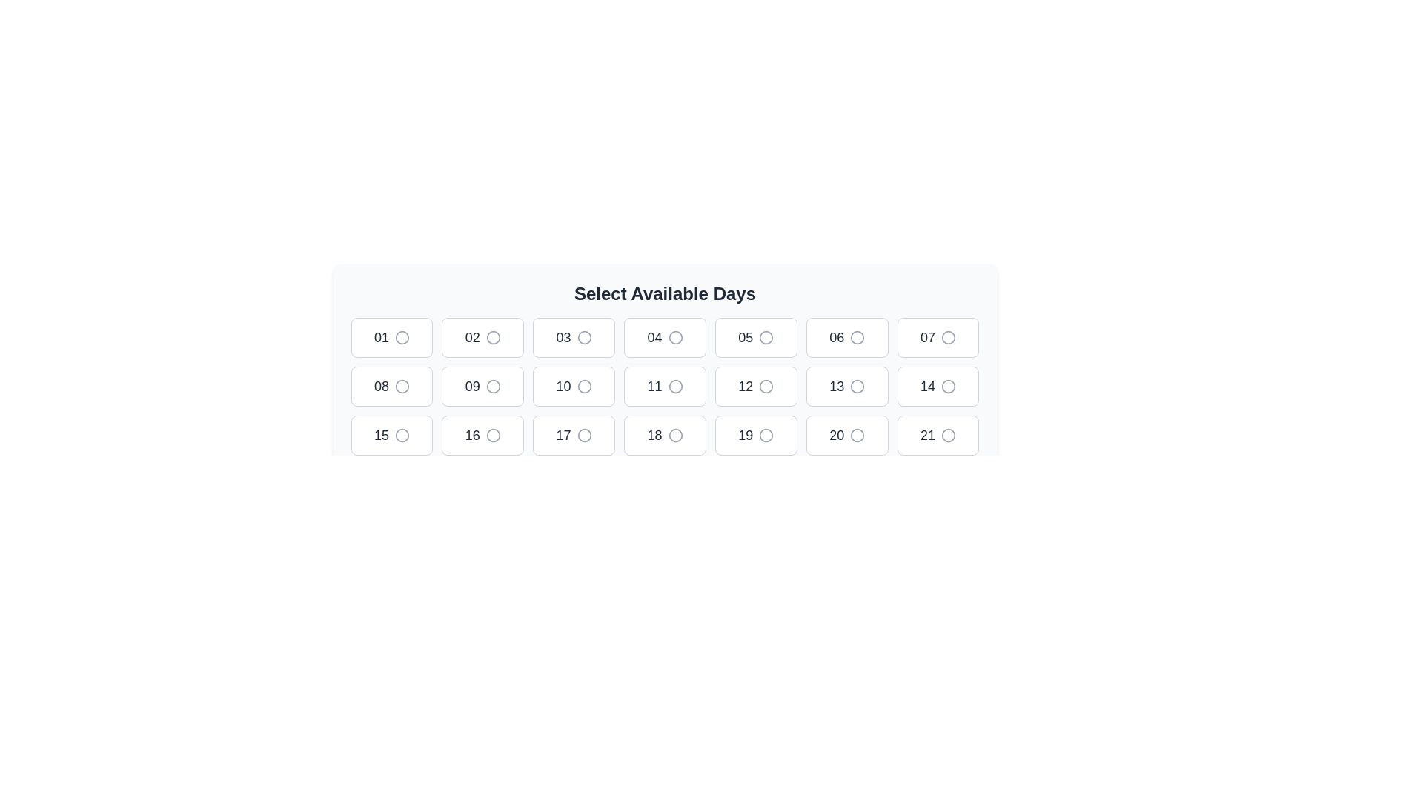 The height and width of the screenshot is (800, 1423). Describe the element at coordinates (746, 337) in the screenshot. I see `the Text Label element displaying '05', which is styled with a large font size, medium font weight, and dark gray color, located under the 'Select Available Days' section` at that location.